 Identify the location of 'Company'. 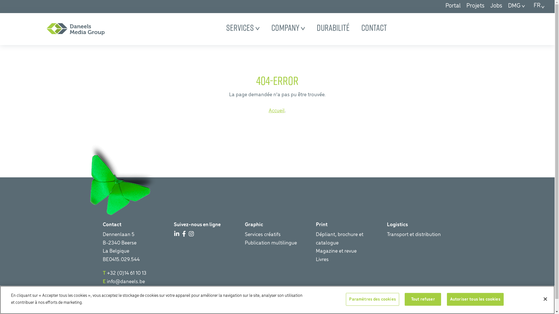
(288, 28).